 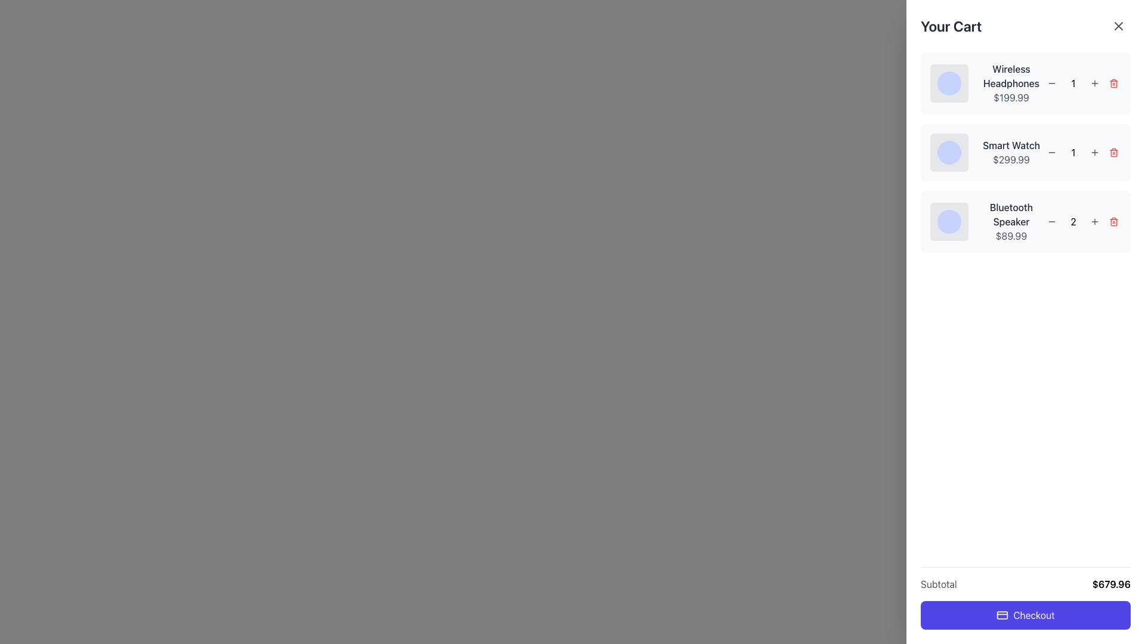 What do you see at coordinates (1051, 151) in the screenshot?
I see `the first circular decrement button for the 'Smart Watch' item in the shopping cart` at bounding box center [1051, 151].